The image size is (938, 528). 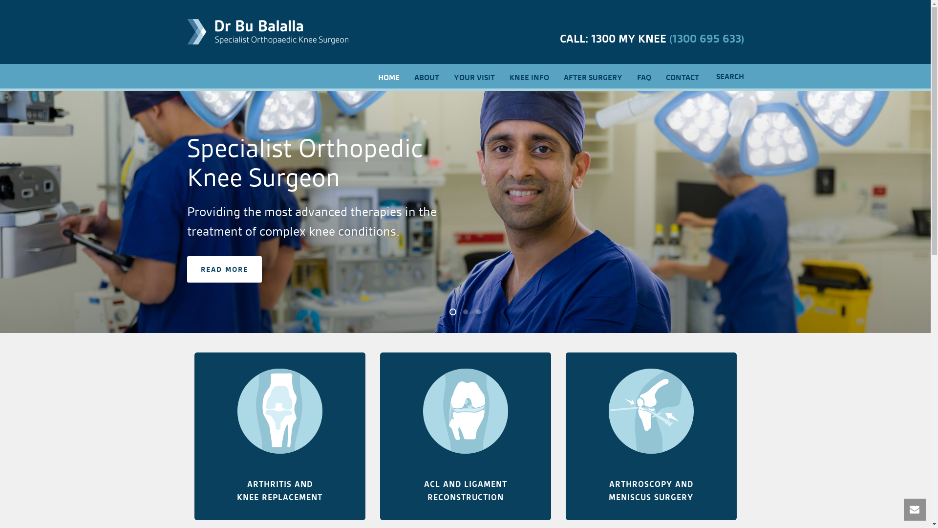 What do you see at coordinates (706, 76) in the screenshot?
I see `'SEARCH'` at bounding box center [706, 76].